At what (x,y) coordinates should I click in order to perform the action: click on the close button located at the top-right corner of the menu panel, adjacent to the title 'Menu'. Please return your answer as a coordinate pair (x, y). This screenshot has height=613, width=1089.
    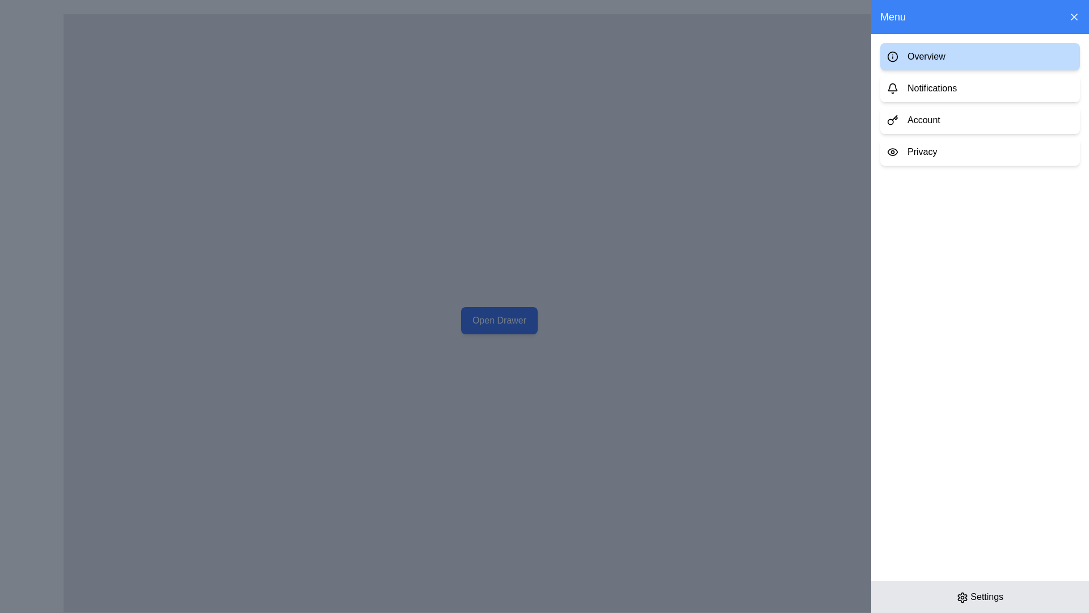
    Looking at the image, I should click on (1074, 17).